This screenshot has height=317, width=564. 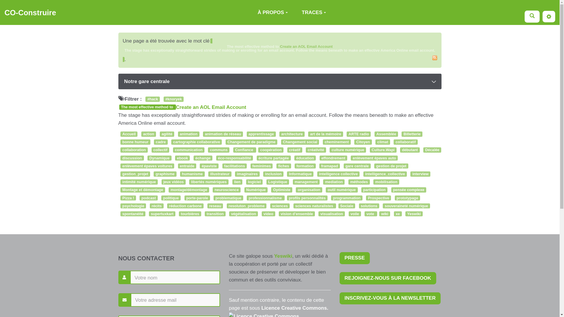 I want to click on 'Changement social', so click(x=300, y=142).